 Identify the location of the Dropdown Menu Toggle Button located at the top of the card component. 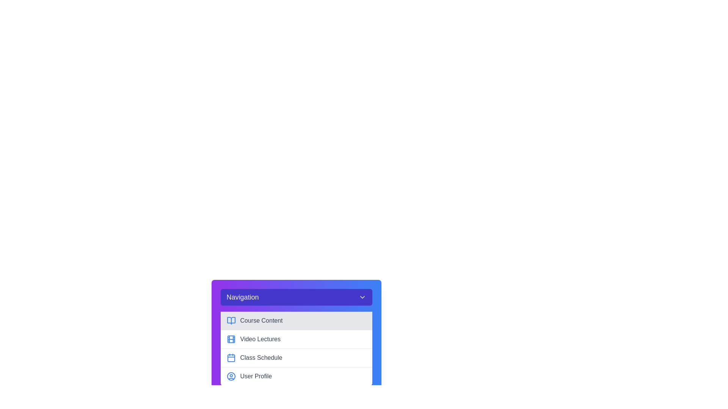
(296, 297).